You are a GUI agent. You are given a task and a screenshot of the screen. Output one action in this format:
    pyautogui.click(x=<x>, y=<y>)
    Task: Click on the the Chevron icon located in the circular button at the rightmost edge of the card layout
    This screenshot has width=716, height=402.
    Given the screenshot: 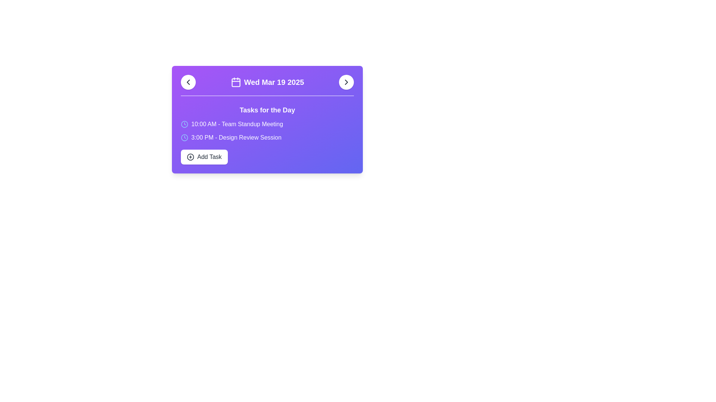 What is the action you would take?
    pyautogui.click(x=346, y=82)
    